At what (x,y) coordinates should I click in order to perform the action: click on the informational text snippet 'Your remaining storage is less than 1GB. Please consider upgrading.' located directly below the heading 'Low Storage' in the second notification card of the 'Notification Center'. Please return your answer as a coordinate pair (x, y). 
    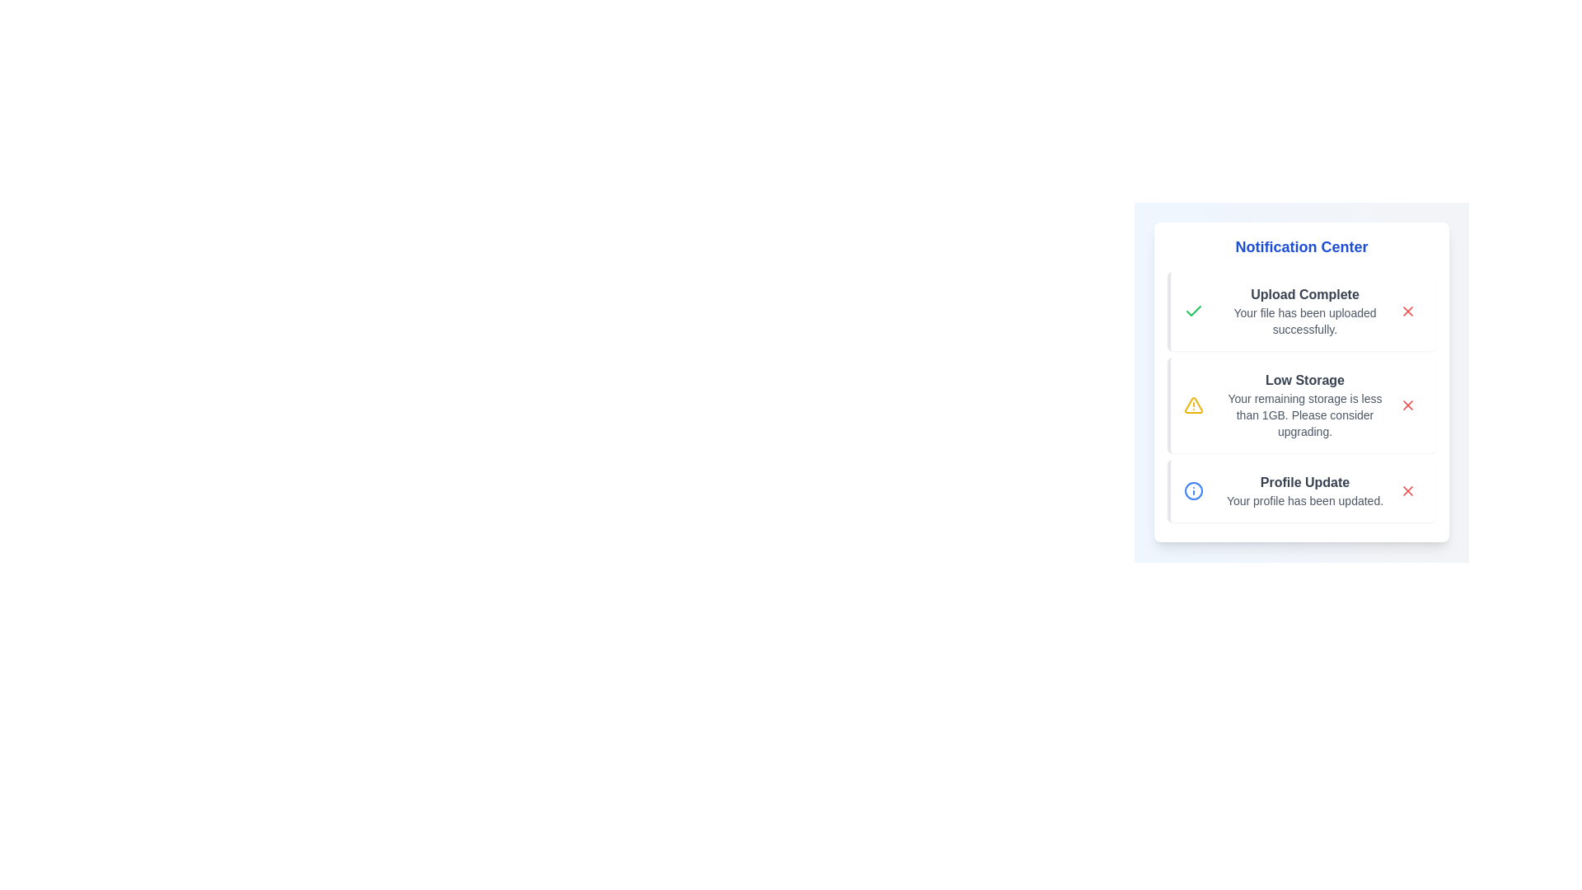
    Looking at the image, I should click on (1304, 415).